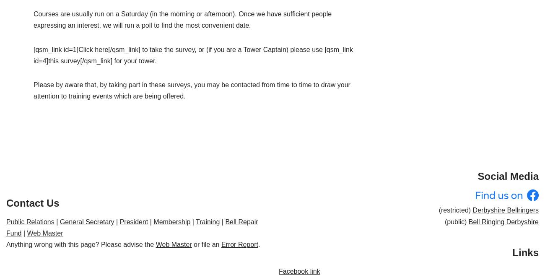 The height and width of the screenshot is (280, 545). What do you see at coordinates (455, 210) in the screenshot?
I see `'(restricted)'` at bounding box center [455, 210].